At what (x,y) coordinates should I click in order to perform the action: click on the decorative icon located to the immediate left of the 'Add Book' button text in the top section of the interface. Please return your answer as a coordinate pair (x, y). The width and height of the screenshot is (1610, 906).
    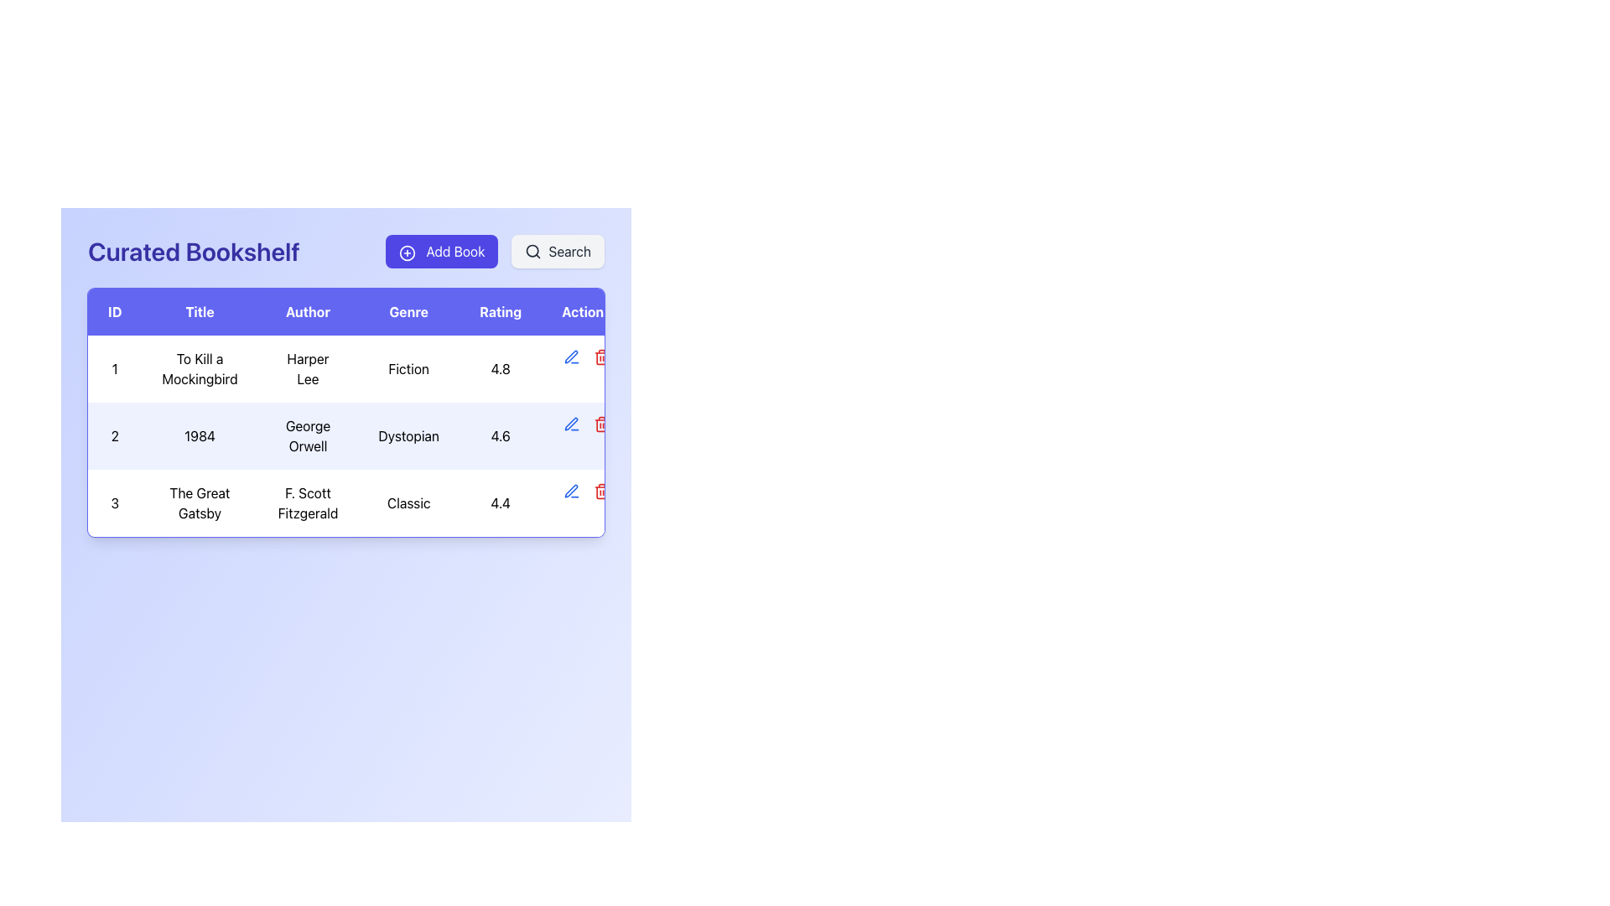
    Looking at the image, I should click on (408, 253).